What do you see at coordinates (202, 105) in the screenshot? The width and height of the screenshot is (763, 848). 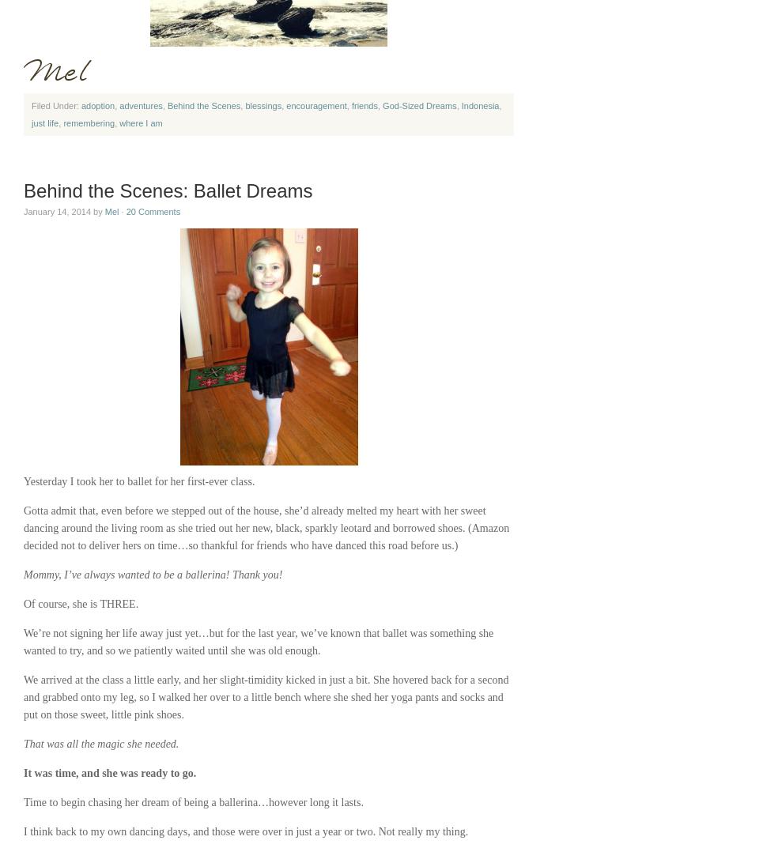 I see `'Behind the Scenes'` at bounding box center [202, 105].